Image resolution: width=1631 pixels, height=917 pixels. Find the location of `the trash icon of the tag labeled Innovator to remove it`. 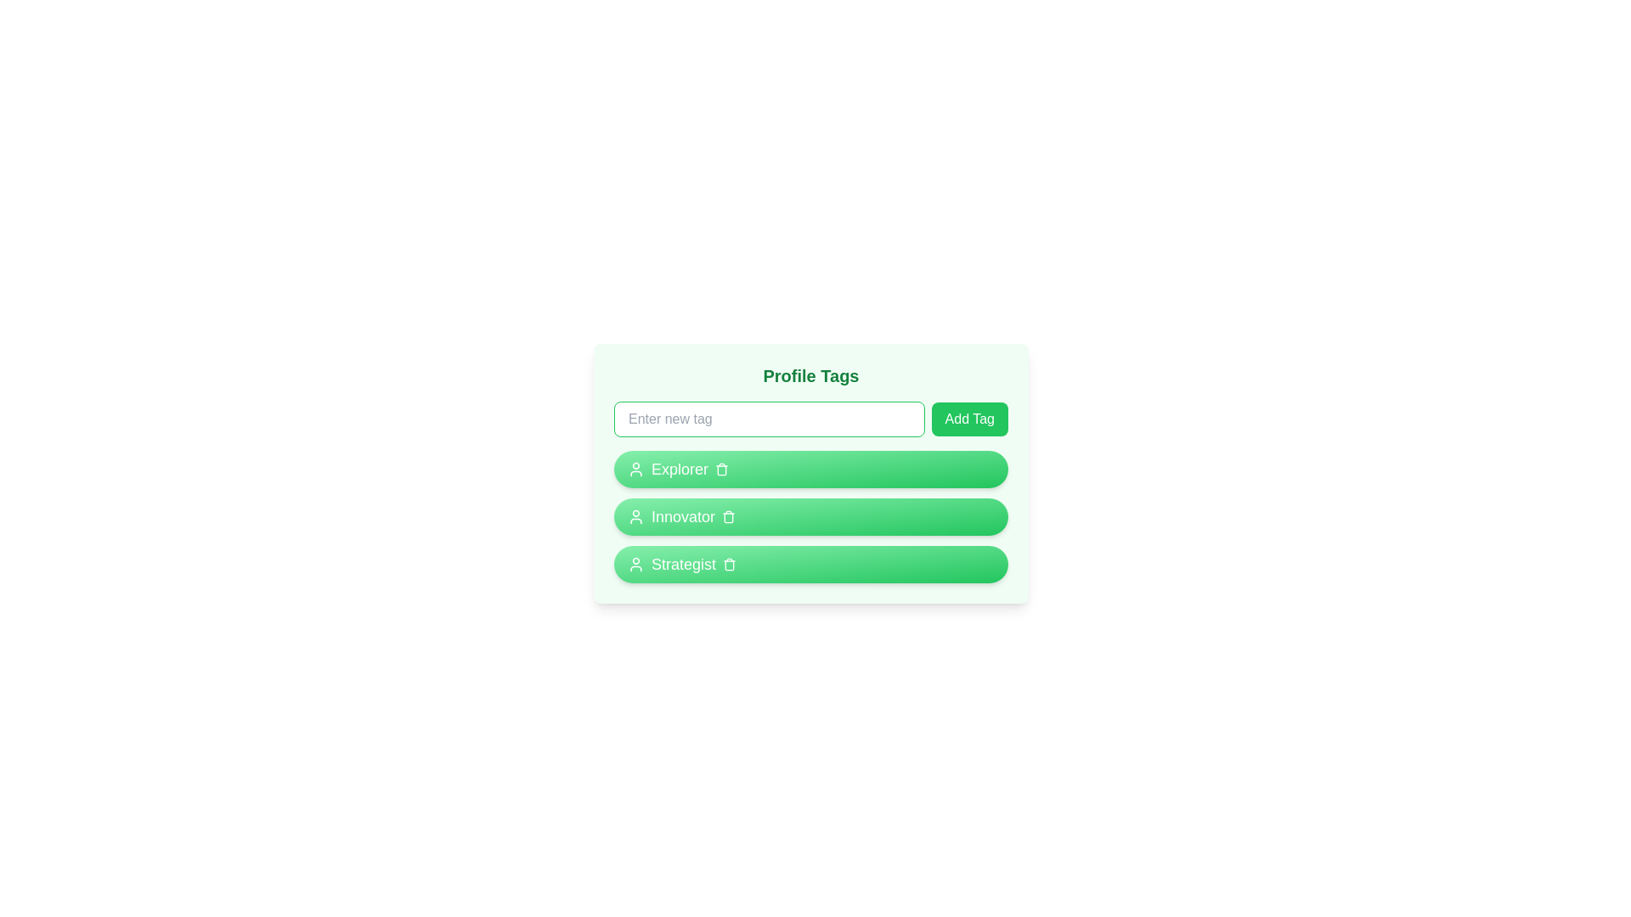

the trash icon of the tag labeled Innovator to remove it is located at coordinates (729, 516).